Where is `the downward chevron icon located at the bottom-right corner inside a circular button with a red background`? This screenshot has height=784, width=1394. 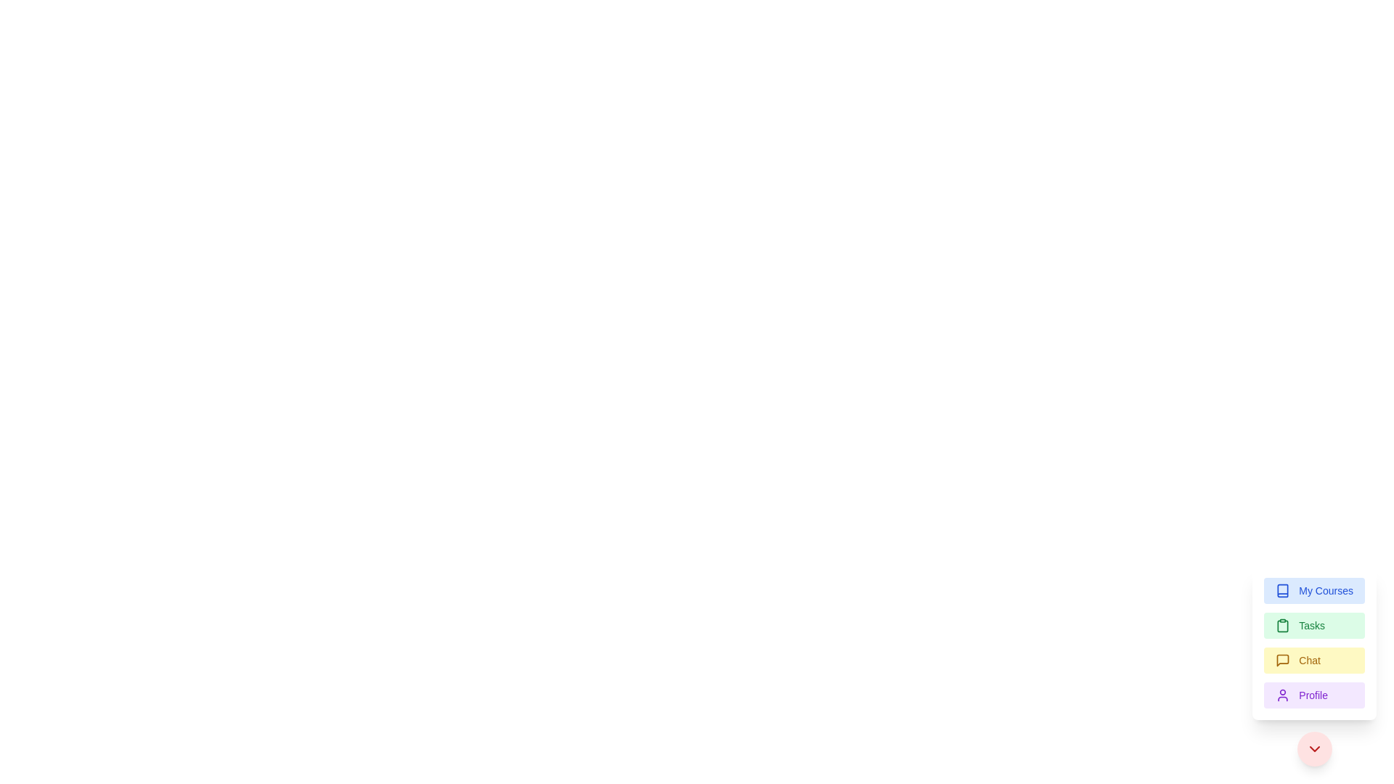
the downward chevron icon located at the bottom-right corner inside a circular button with a red background is located at coordinates (1314, 749).